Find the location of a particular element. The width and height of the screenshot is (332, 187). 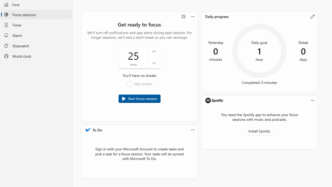

'Keep on top' is located at coordinates (183, 16).